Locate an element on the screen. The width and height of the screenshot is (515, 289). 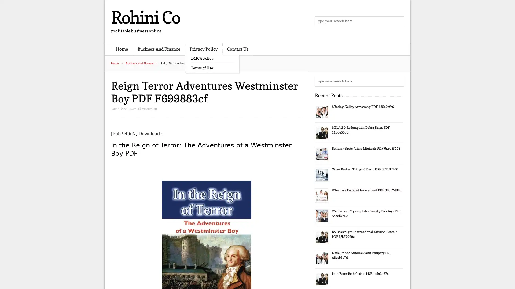
Search is located at coordinates (398, 81).